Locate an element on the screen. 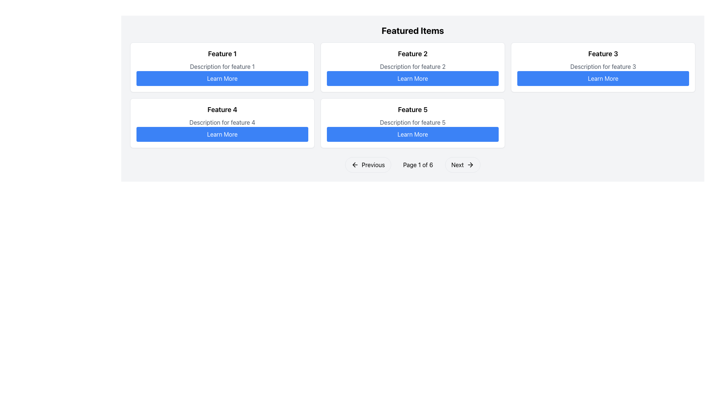 The width and height of the screenshot is (714, 402). the 'Next' button that contains a right-pointing SVG arrow icon to trigger navigation actions is located at coordinates (470, 165).